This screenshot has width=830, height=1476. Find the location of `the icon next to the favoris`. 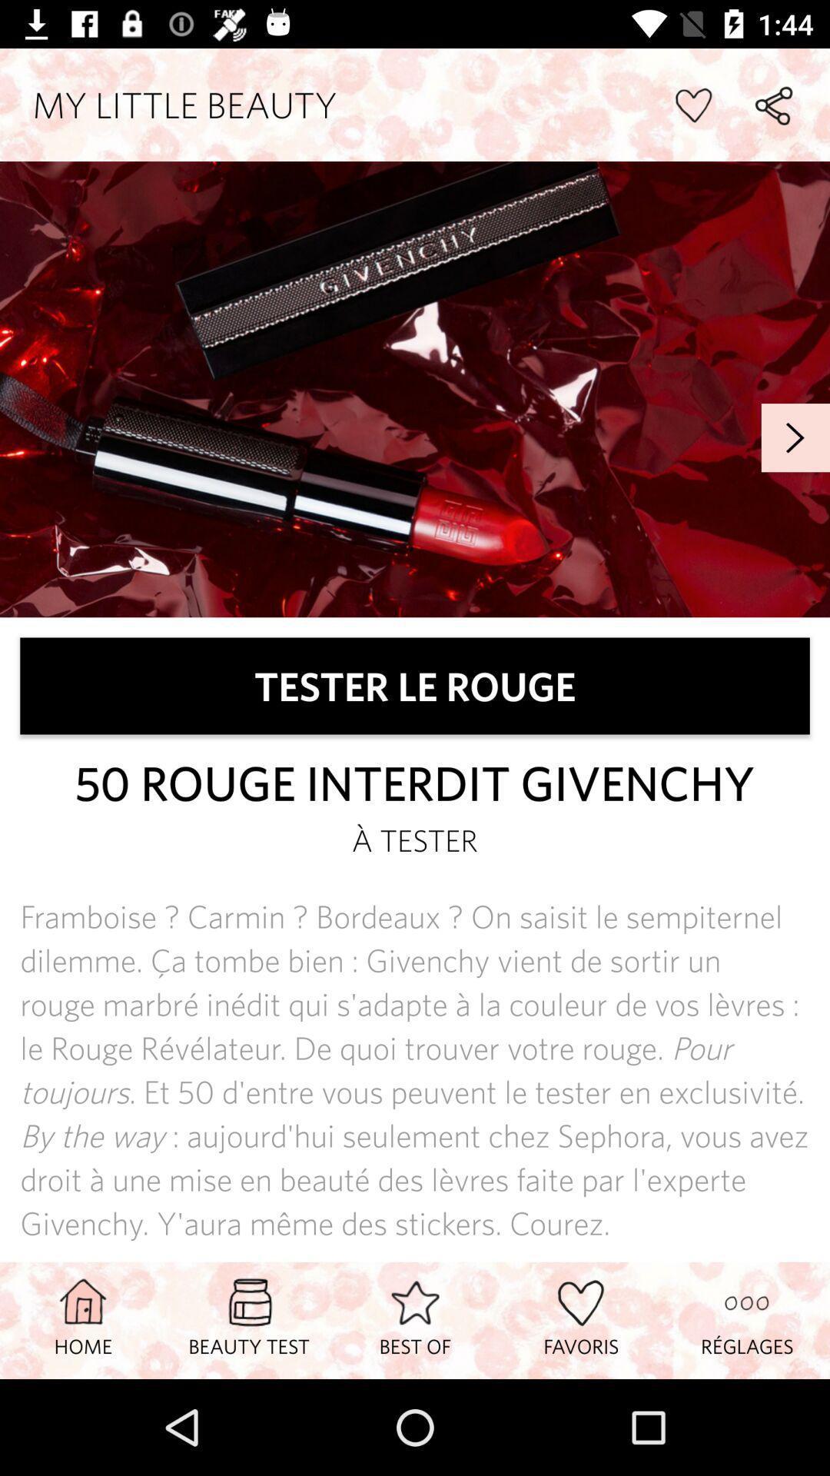

the icon next to the favoris is located at coordinates (746, 1319).